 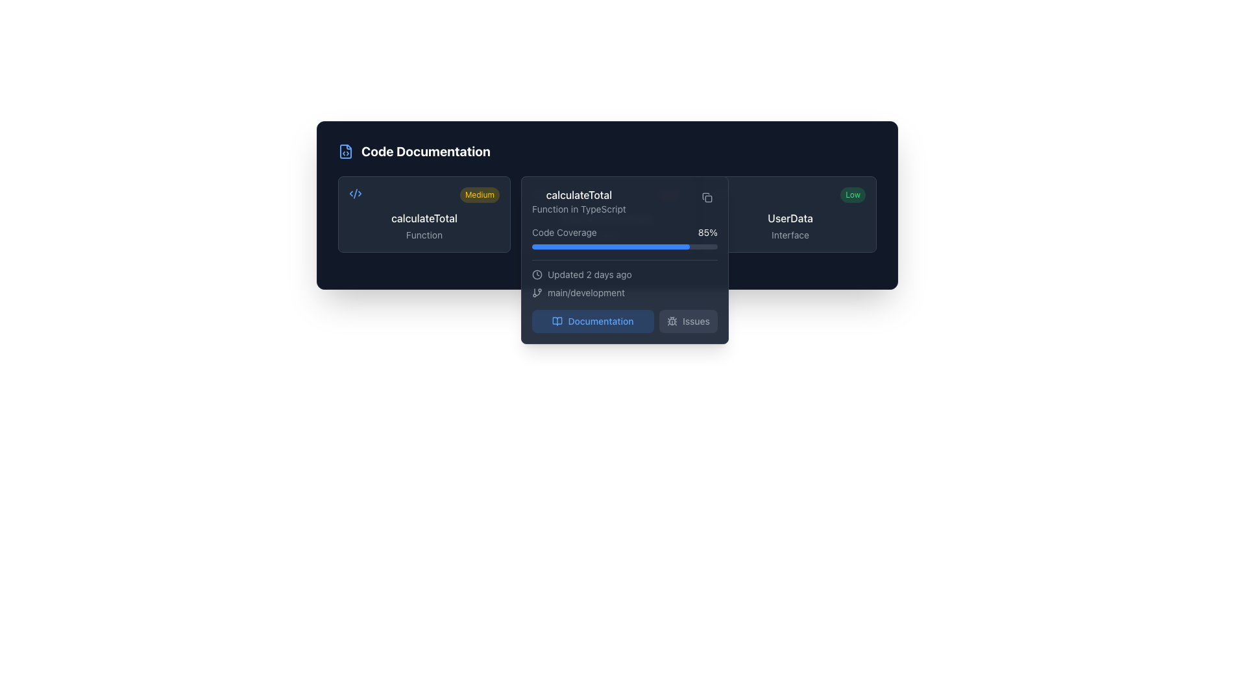 I want to click on the Text label located beneath the 'UserData' label within the card, which serves as a descriptor for the main title, so click(x=790, y=235).